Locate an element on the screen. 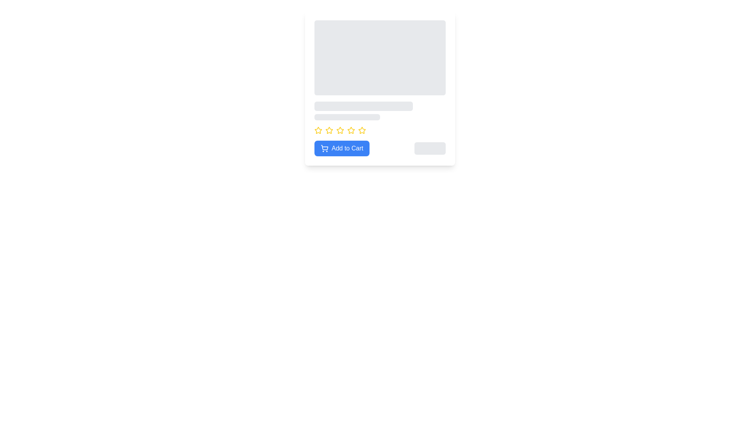 The image size is (750, 422). the yellow star icon, which is the last in a row of nine stars is located at coordinates (361, 130).